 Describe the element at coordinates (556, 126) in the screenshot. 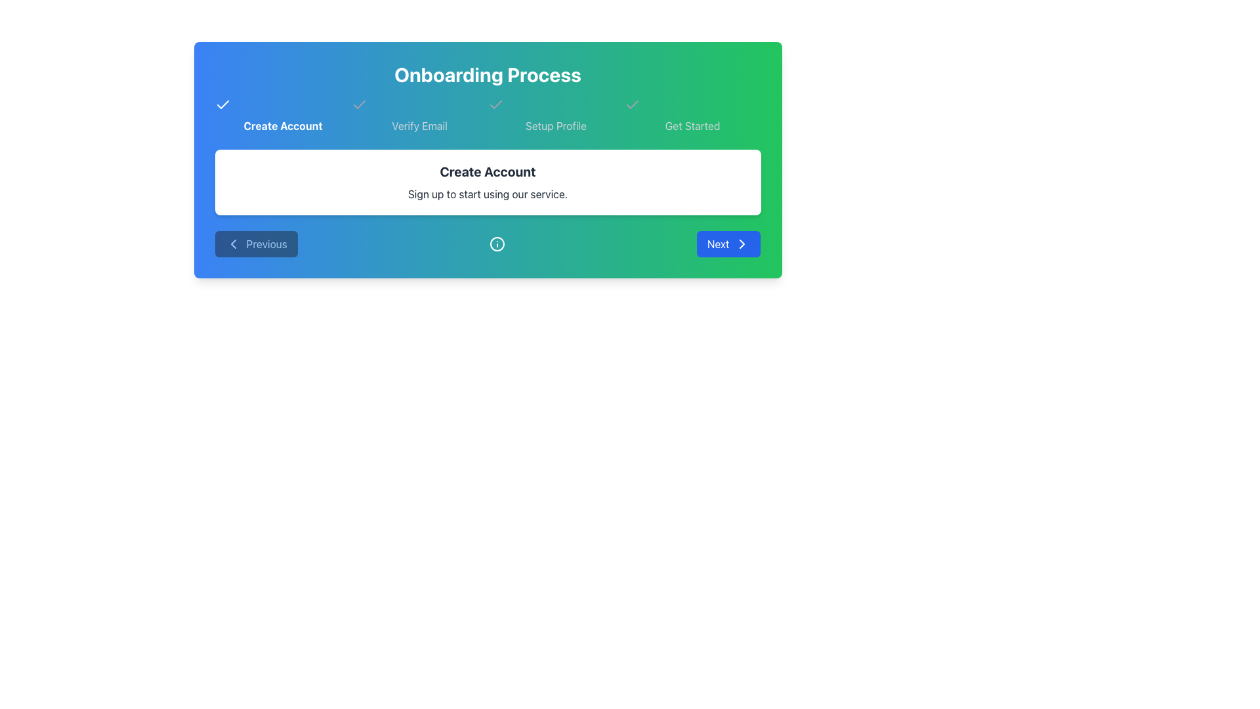

I see `the 'Setup Profile' text label, which is the third step in the horizontal step indicator at the top of the interface, displayed in white against a gradient blue to green background` at that location.